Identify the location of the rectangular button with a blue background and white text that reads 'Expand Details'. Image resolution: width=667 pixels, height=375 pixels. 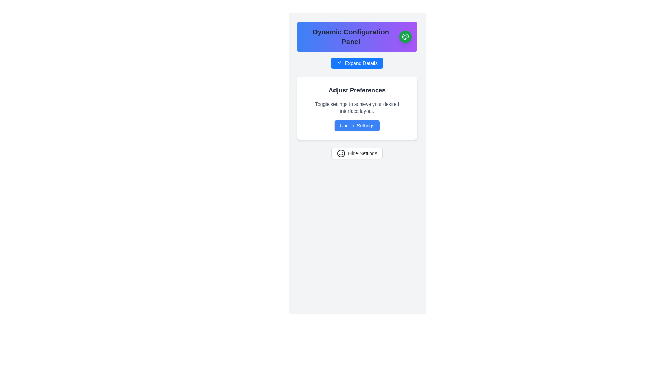
(357, 63).